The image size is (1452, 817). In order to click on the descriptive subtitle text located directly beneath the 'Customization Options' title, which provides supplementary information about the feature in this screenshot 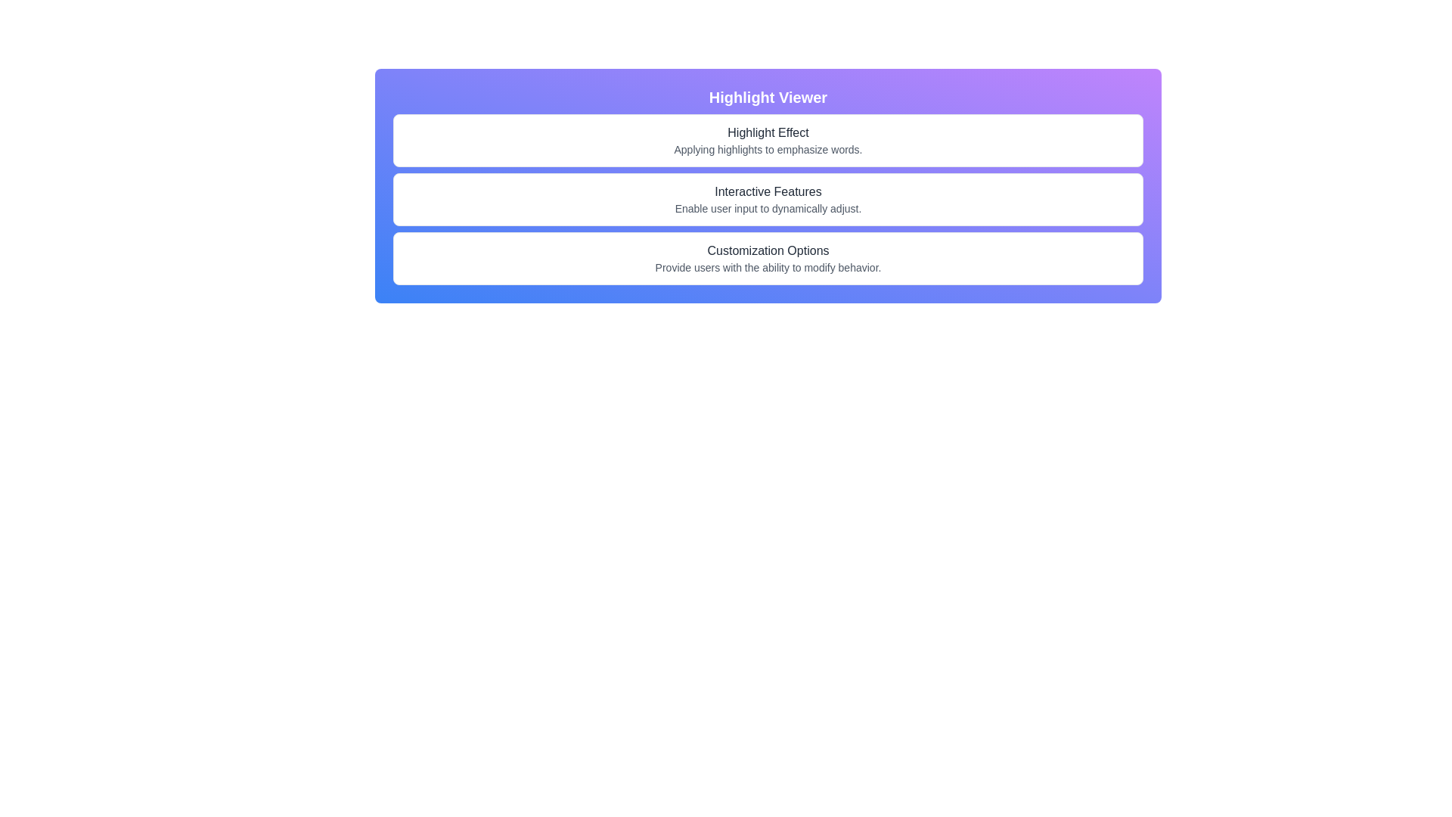, I will do `click(768, 267)`.